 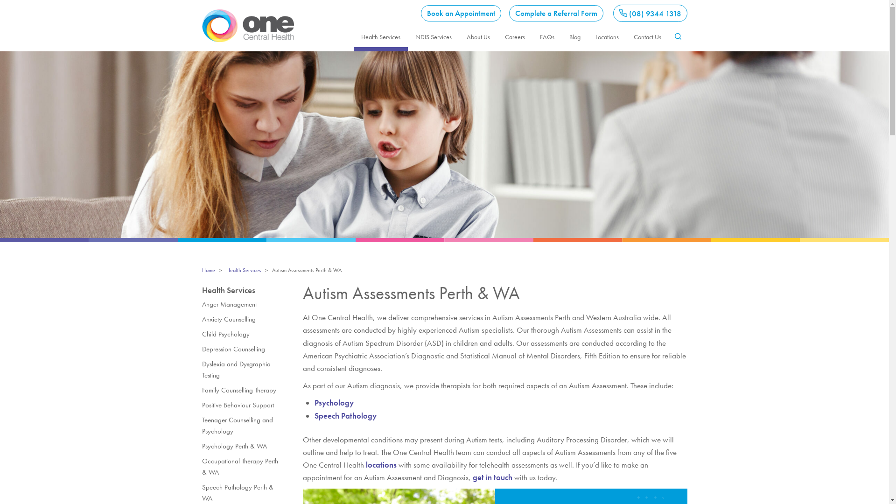 I want to click on 'Speech Pathology', so click(x=314, y=415).